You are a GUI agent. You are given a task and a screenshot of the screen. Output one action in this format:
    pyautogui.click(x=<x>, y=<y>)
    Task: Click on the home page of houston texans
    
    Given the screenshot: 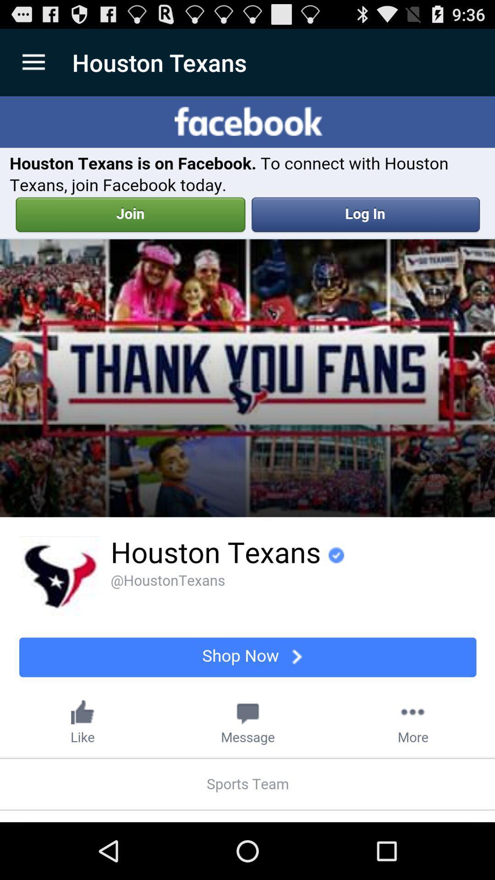 What is the action you would take?
    pyautogui.click(x=247, y=459)
    